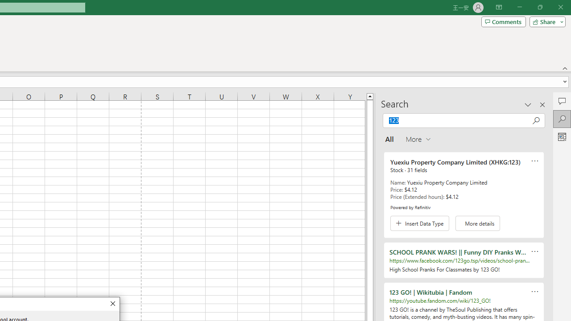  What do you see at coordinates (503, 21) in the screenshot?
I see `'Comments'` at bounding box center [503, 21].